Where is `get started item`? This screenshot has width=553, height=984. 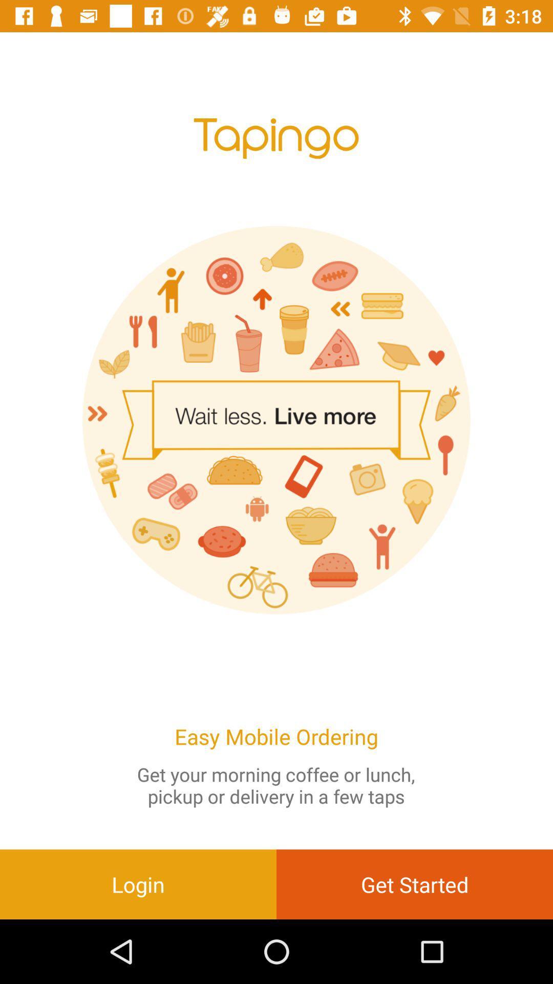 get started item is located at coordinates (415, 884).